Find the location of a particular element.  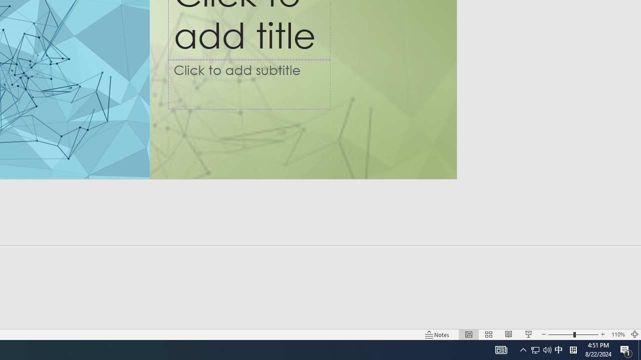

'Zoom' is located at coordinates (573, 334).